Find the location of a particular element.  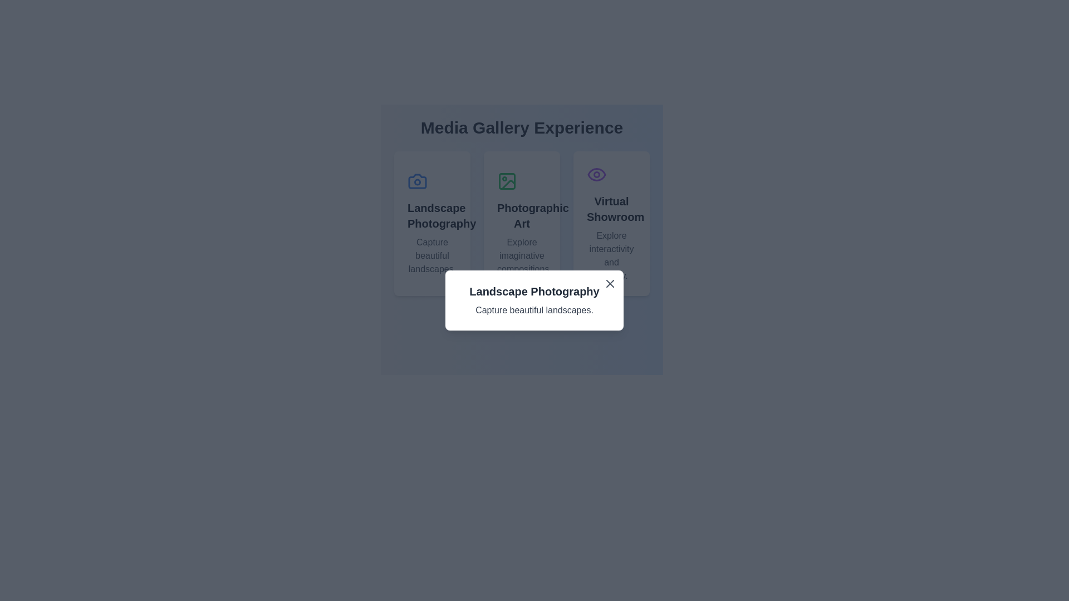

the icon representing the 'Photographic Art' card module, which is positioned at the top section of the card, centered horizontally above the subtitle 'Explore imaginative compositions.' is located at coordinates (507, 181).